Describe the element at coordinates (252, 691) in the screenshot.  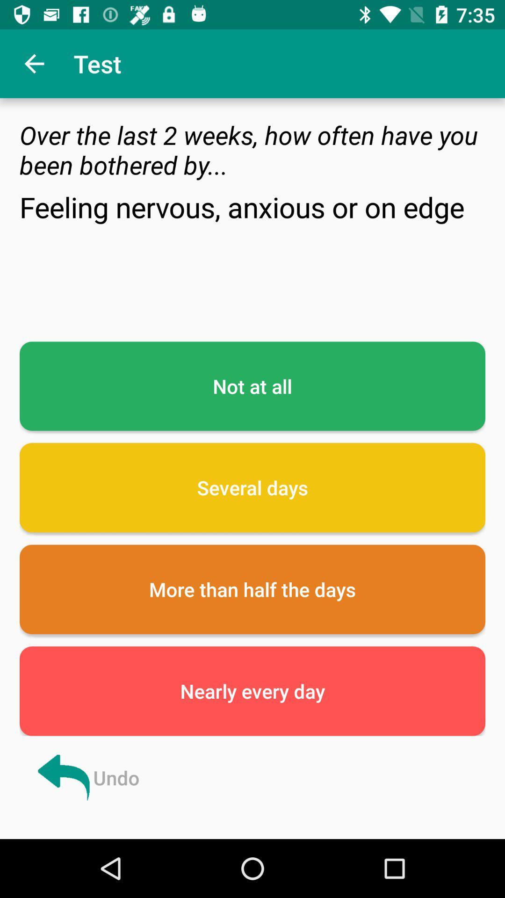
I see `icon below more than half` at that location.